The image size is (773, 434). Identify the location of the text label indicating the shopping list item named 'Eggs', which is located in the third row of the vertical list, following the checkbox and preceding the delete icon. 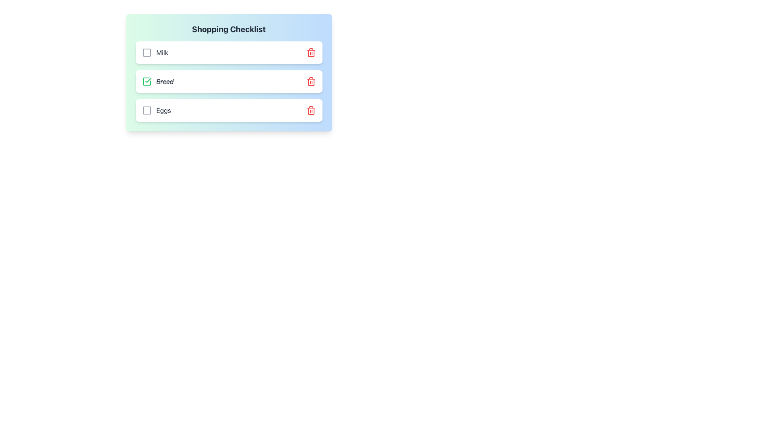
(163, 110).